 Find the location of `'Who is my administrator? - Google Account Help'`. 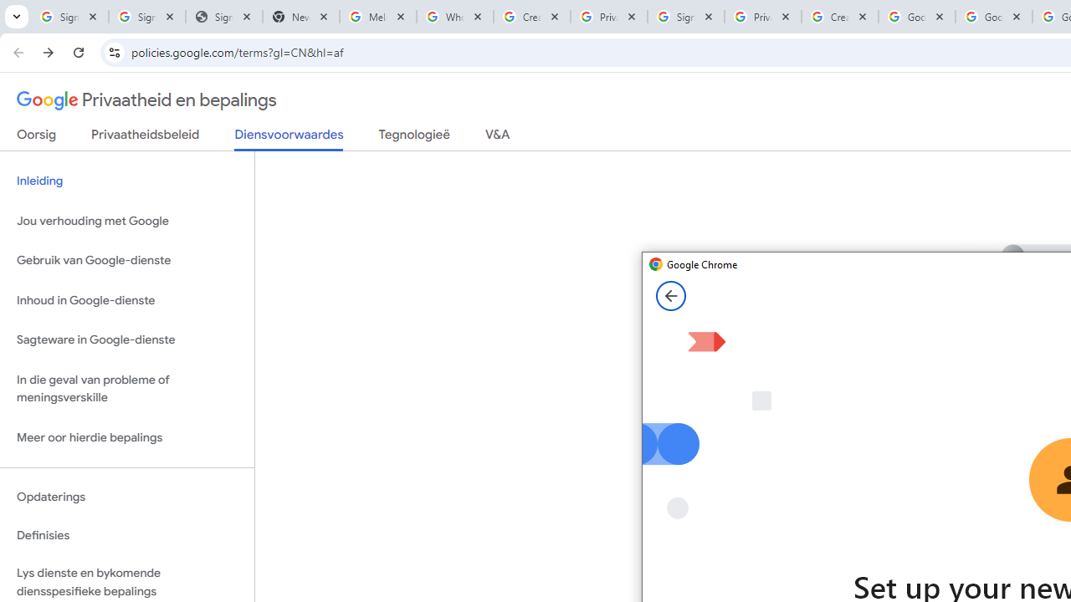

'Who is my administrator? - Google Account Help' is located at coordinates (455, 17).